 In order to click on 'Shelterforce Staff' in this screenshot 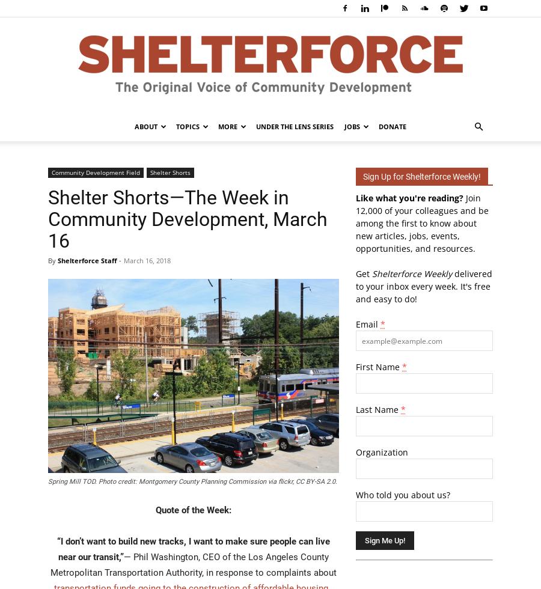, I will do `click(87, 260)`.